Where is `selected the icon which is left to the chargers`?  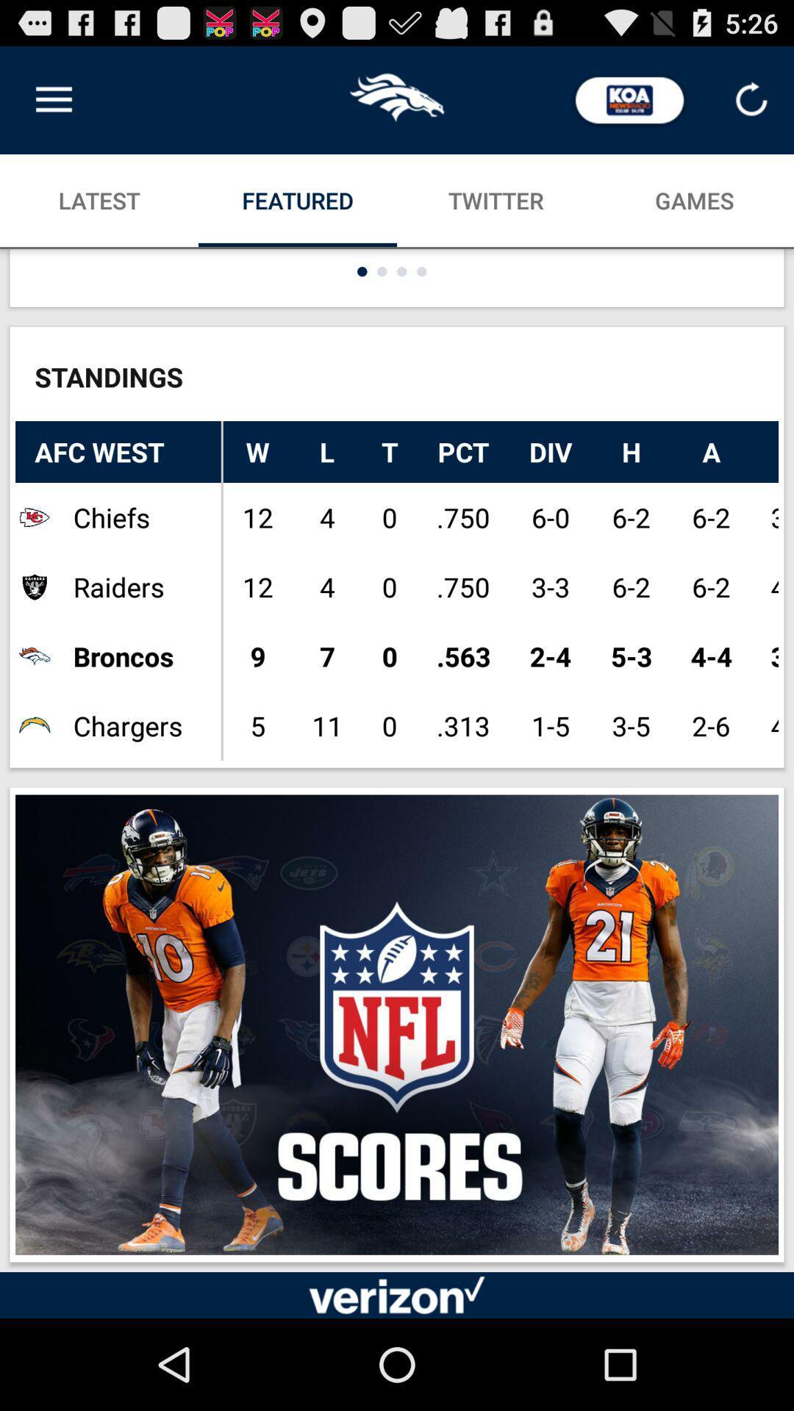 selected the icon which is left to the chargers is located at coordinates (34, 726).